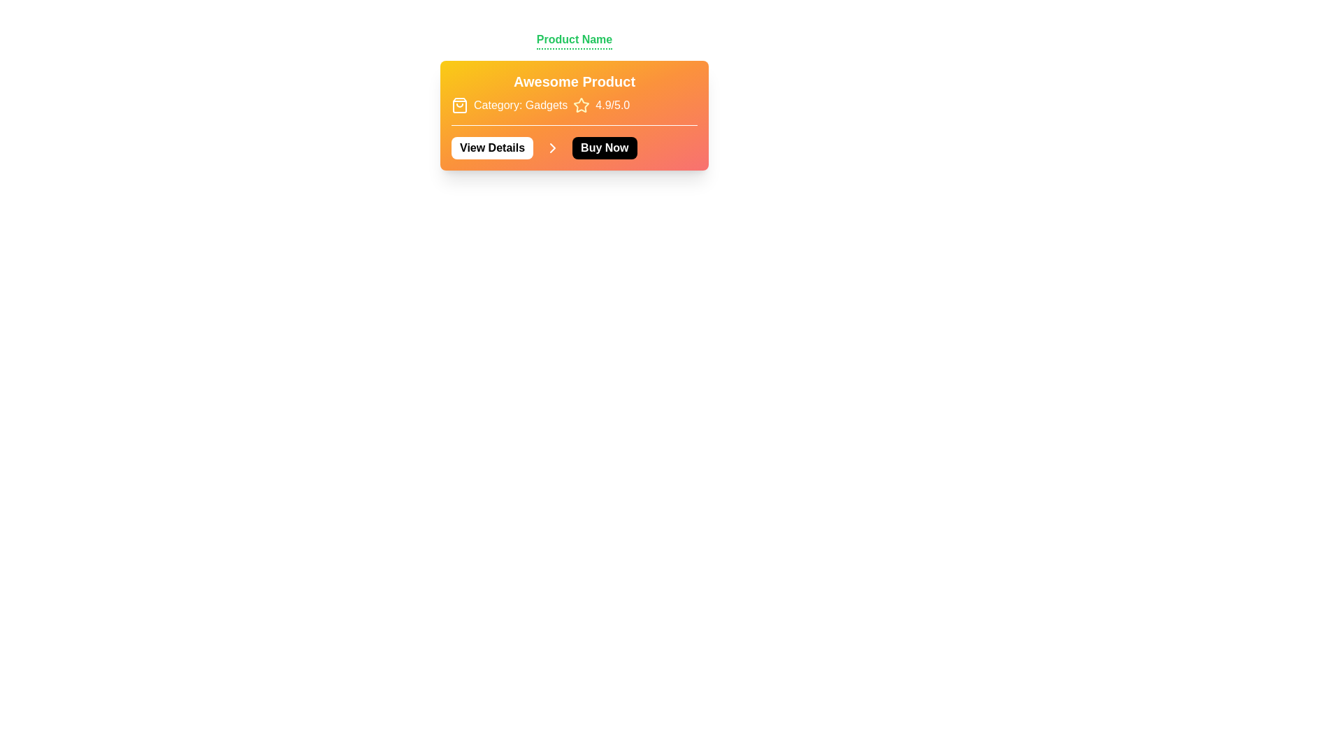  What do you see at coordinates (582, 104) in the screenshot?
I see `the star icon representing the rating indicator located between the texts 'Category: Gadgets' and '4.9/5.0'` at bounding box center [582, 104].